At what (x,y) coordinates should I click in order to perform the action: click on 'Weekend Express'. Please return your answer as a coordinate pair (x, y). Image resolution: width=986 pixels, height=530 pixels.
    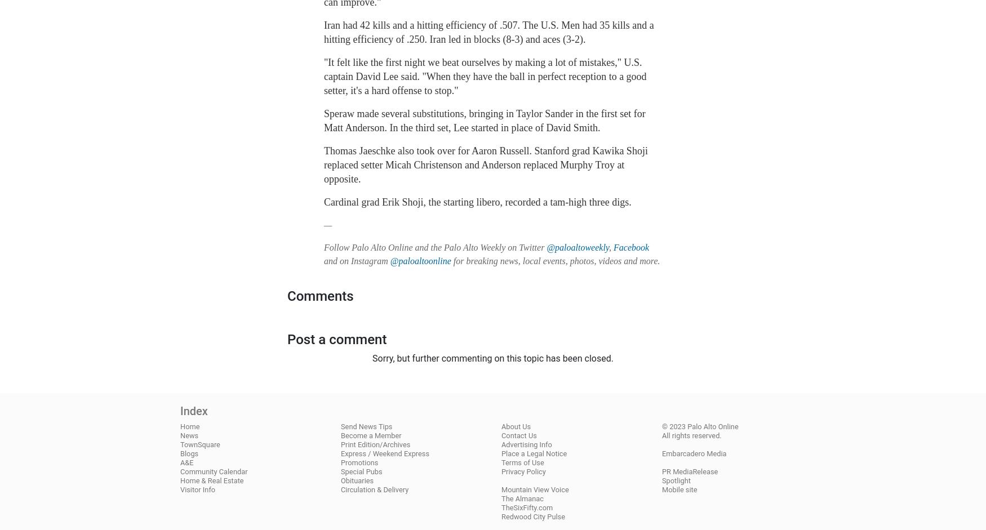
    Looking at the image, I should click on (371, 453).